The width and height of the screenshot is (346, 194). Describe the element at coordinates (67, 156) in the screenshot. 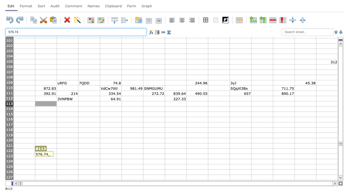

I see `Cell C-123` at that location.